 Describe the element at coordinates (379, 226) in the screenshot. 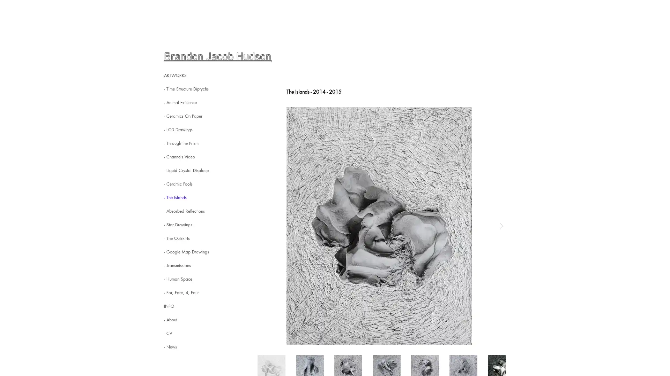

I see `9 of 1 the islands by Brandon Hudson` at that location.